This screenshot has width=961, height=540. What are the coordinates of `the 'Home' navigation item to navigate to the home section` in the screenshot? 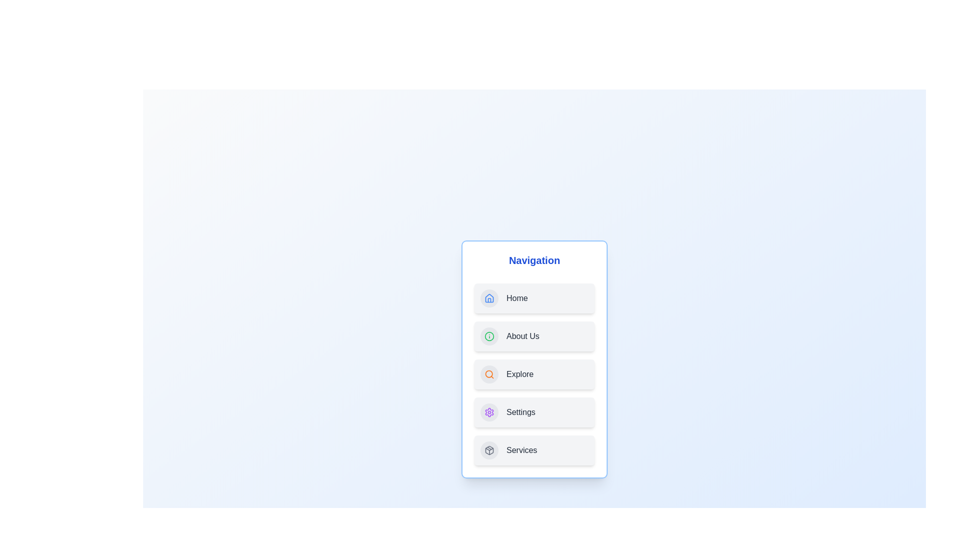 It's located at (534, 298).